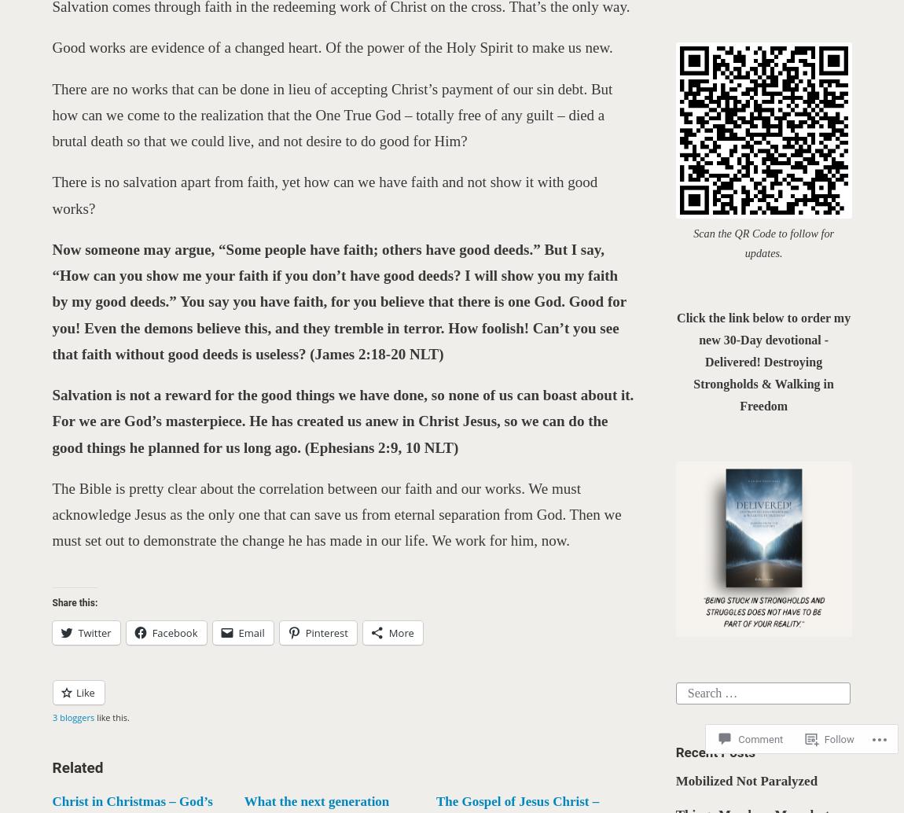 The width and height of the screenshot is (904, 813). What do you see at coordinates (339, 300) in the screenshot?
I see `'Now someone may argue, “Some people have faith; others have good deeds.” But I say, “How can you show me your faith if you don’t have good deeds? I will show you my faith by my good deeds.” You say you have faith, for you believe that there is one God. Good for you! Even the demons believe this, and they tremble in terror. How foolish! Can’t you see that faith without good deeds is useless? (James 2:18-20 NLT)'` at bounding box center [339, 300].